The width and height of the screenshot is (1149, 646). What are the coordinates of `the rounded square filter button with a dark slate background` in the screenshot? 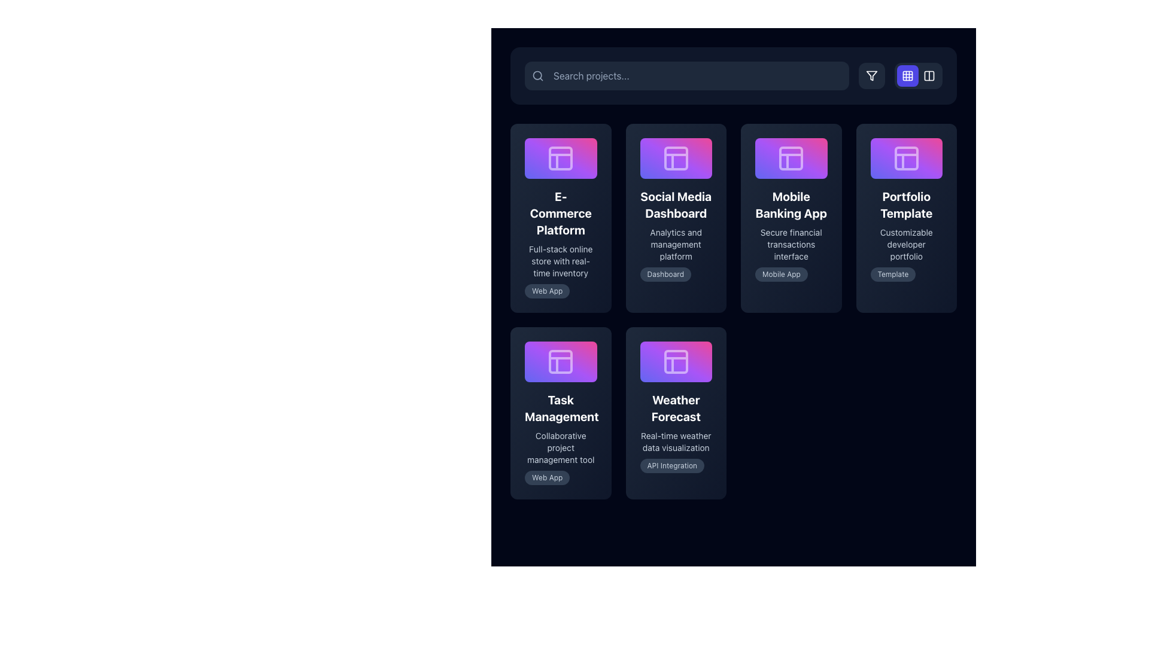 It's located at (872, 76).